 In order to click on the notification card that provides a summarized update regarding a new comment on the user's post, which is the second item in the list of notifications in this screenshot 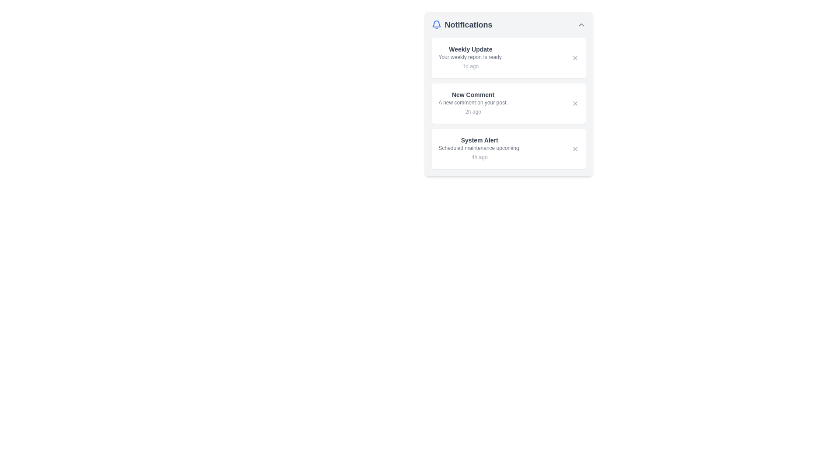, I will do `click(508, 94)`.